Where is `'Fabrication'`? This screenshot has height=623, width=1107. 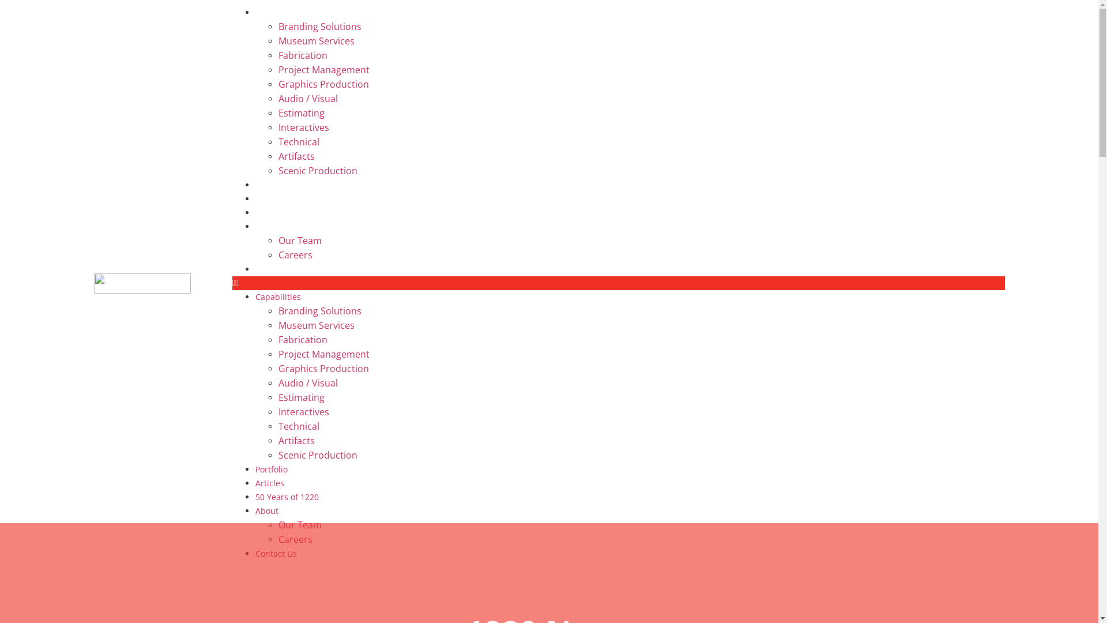 'Fabrication' is located at coordinates (302, 339).